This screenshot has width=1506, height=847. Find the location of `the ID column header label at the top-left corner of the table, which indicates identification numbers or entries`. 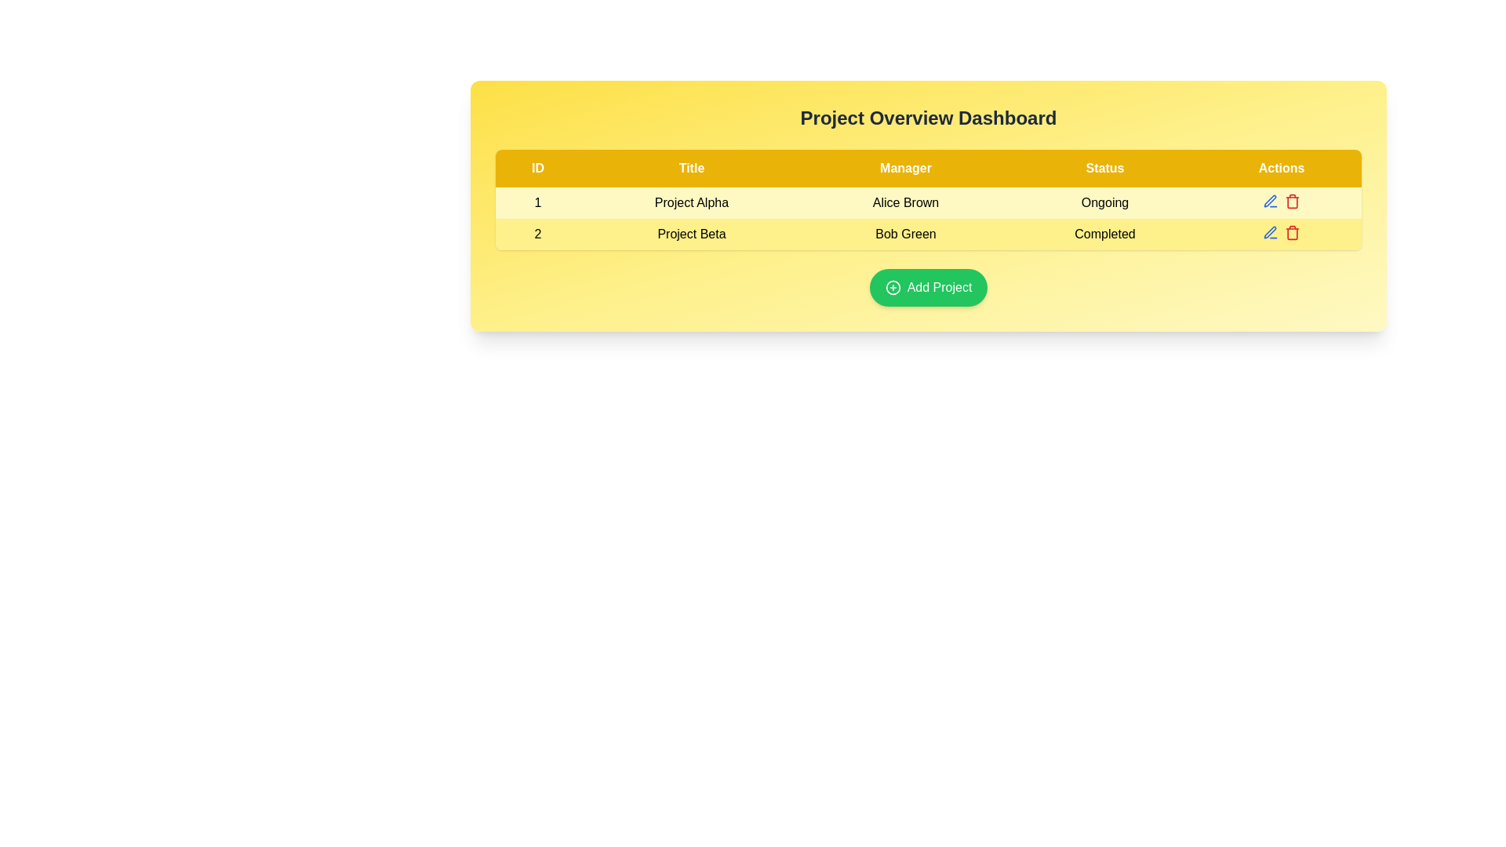

the ID column header label at the top-left corner of the table, which indicates identification numbers or entries is located at coordinates (538, 169).